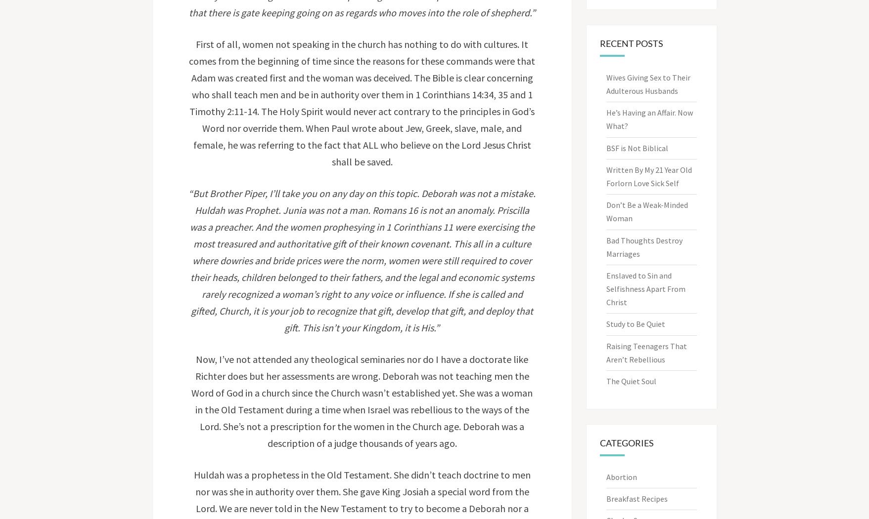 This screenshot has width=869, height=519. What do you see at coordinates (606, 246) in the screenshot?
I see `'Bad Thoughts Destroy Marriages'` at bounding box center [606, 246].